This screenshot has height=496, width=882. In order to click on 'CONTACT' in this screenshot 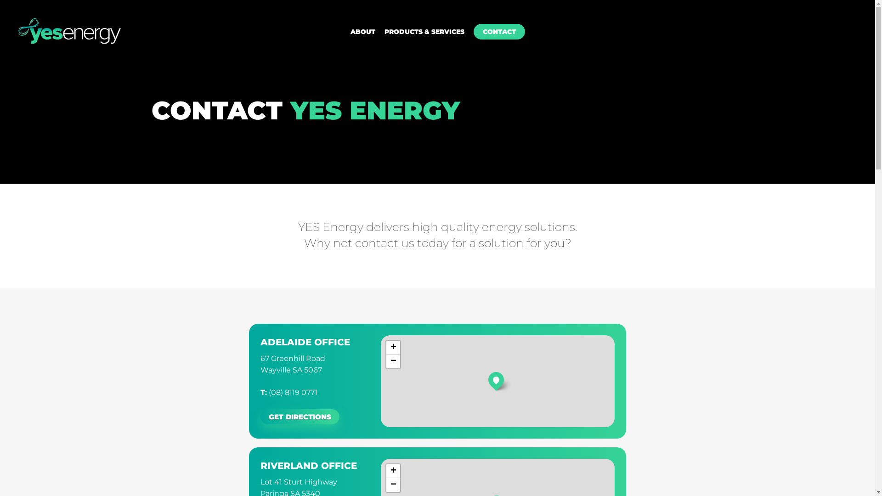, I will do `click(498, 31)`.